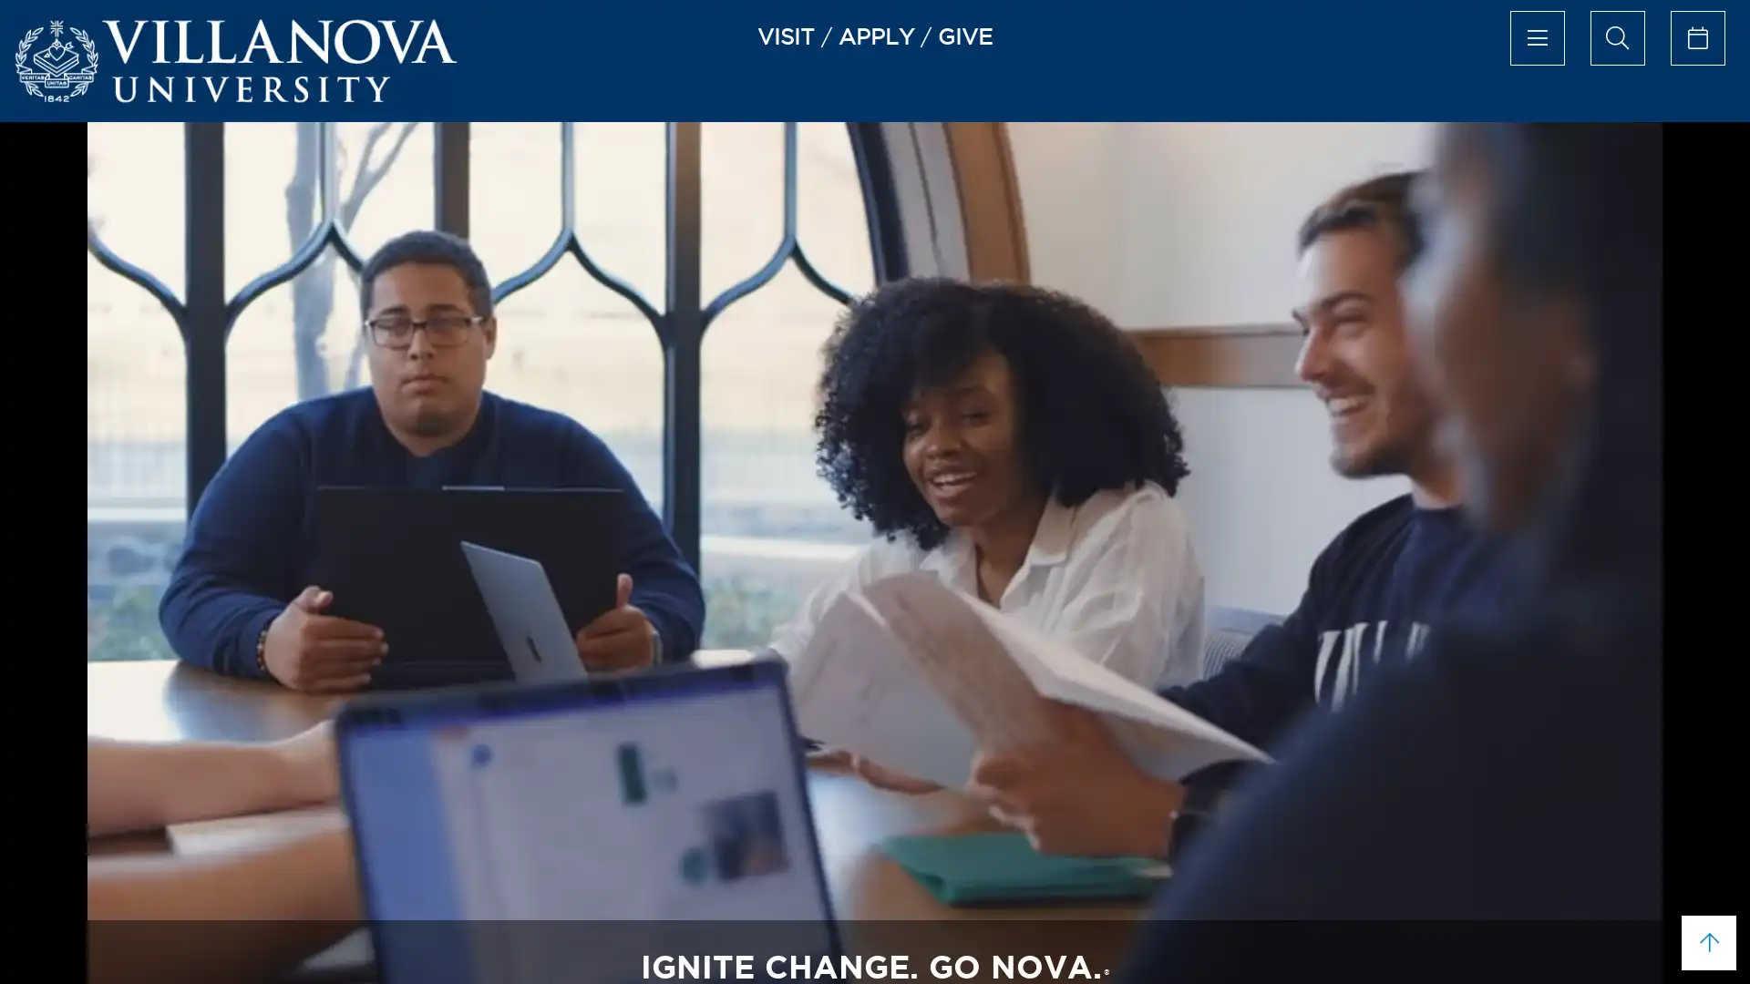  What do you see at coordinates (1696, 38) in the screenshot?
I see `celendar of events` at bounding box center [1696, 38].